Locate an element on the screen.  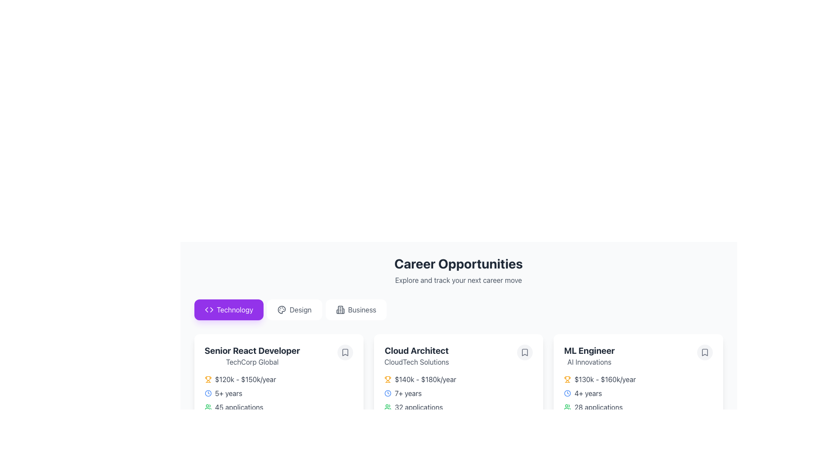
the circular button with a bookmark icon located in the top-right corner of the 'Cloud Architect' job card is located at coordinates (524, 352).